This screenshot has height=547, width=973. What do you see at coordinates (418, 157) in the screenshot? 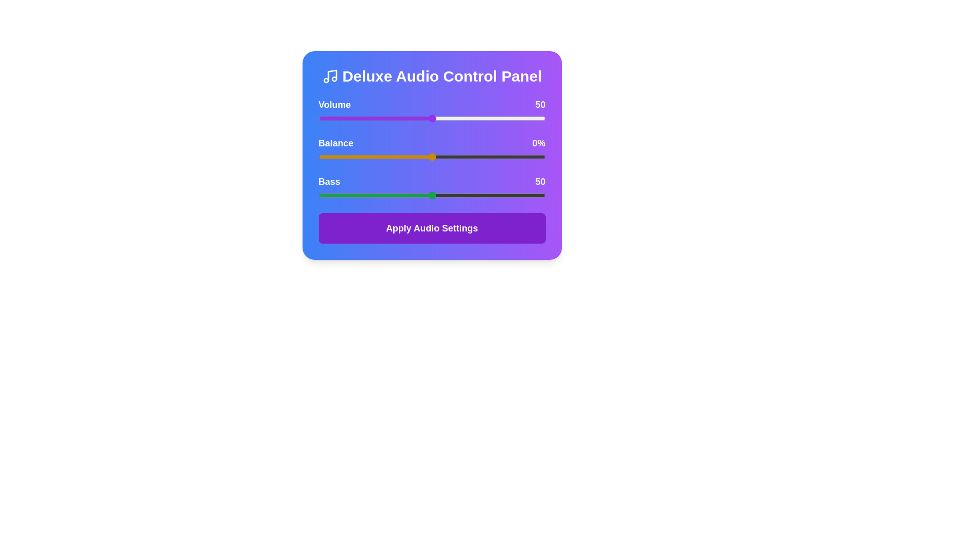
I see `the balance slider` at bounding box center [418, 157].